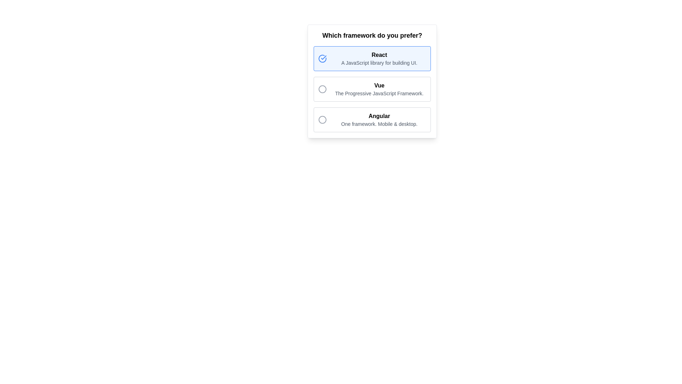  What do you see at coordinates (379, 119) in the screenshot?
I see `the text label option that contains the title 'Angular' and subtitle 'One framework. Mobile & desktop.' located in the third position of a vertical list` at bounding box center [379, 119].